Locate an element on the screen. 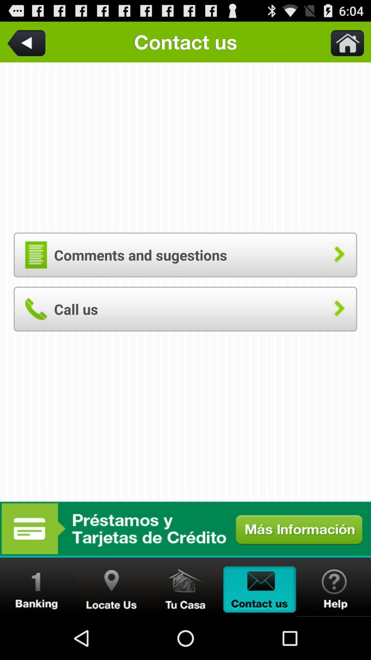 Image resolution: width=371 pixels, height=660 pixels. icon below call us item is located at coordinates (185, 528).